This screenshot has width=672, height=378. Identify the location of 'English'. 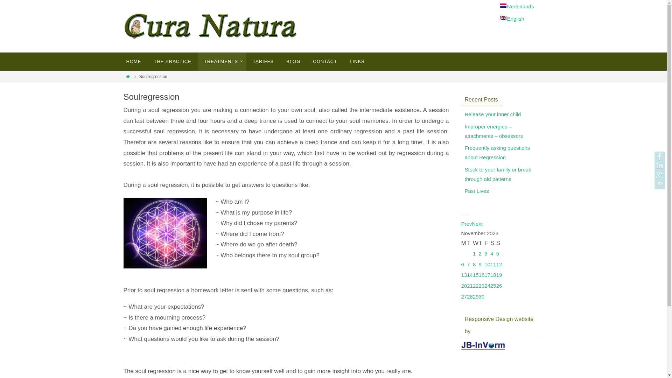
(512, 18).